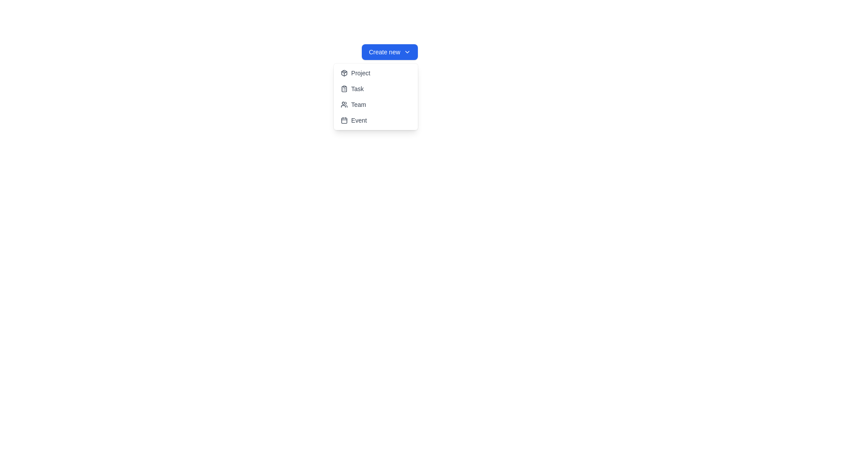 The image size is (841, 473). I want to click on the 'Task' button, which is the second item, so click(375, 89).